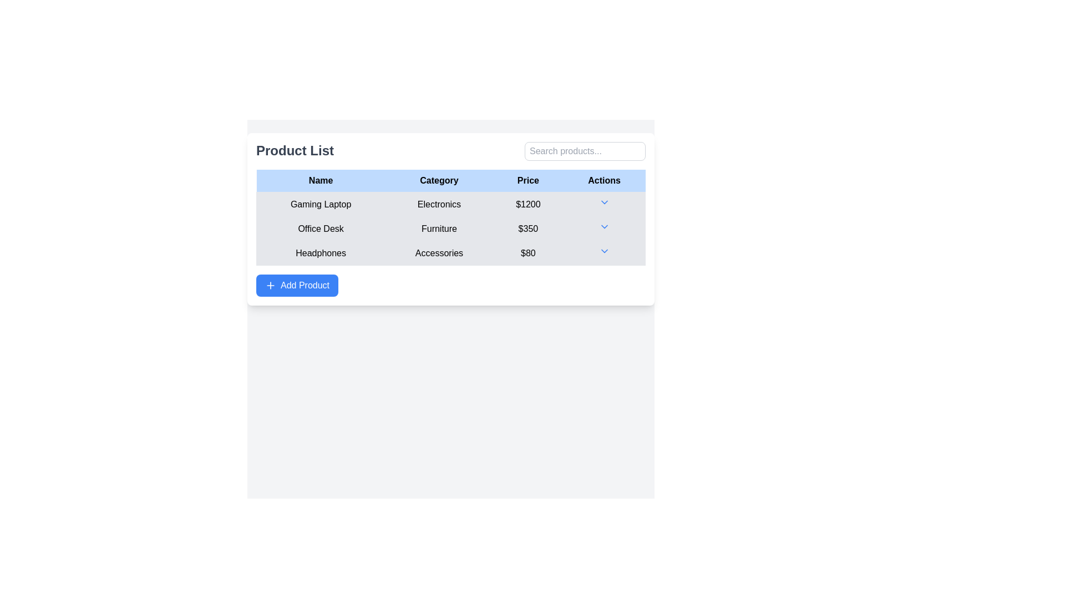  Describe the element at coordinates (439, 253) in the screenshot. I see `the static text box displaying 'Accessories' located in the second column of the third row of the product list table` at that location.